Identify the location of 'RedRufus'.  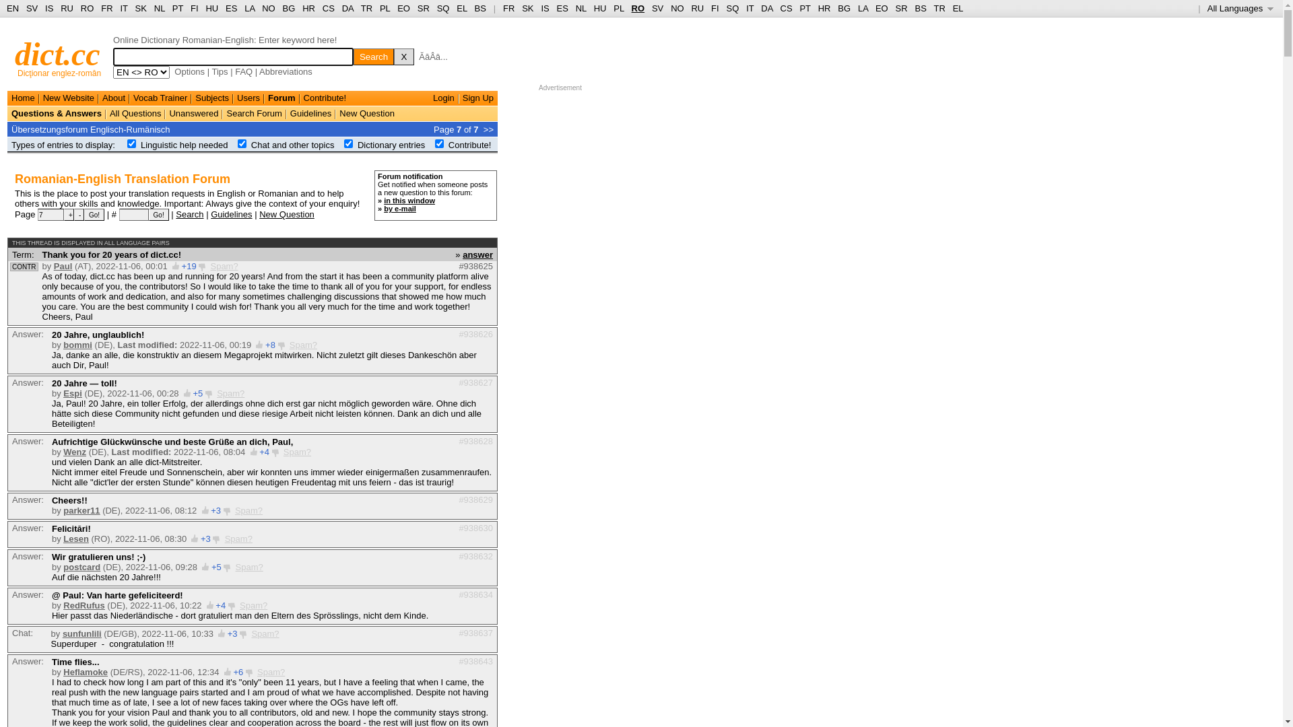
(83, 604).